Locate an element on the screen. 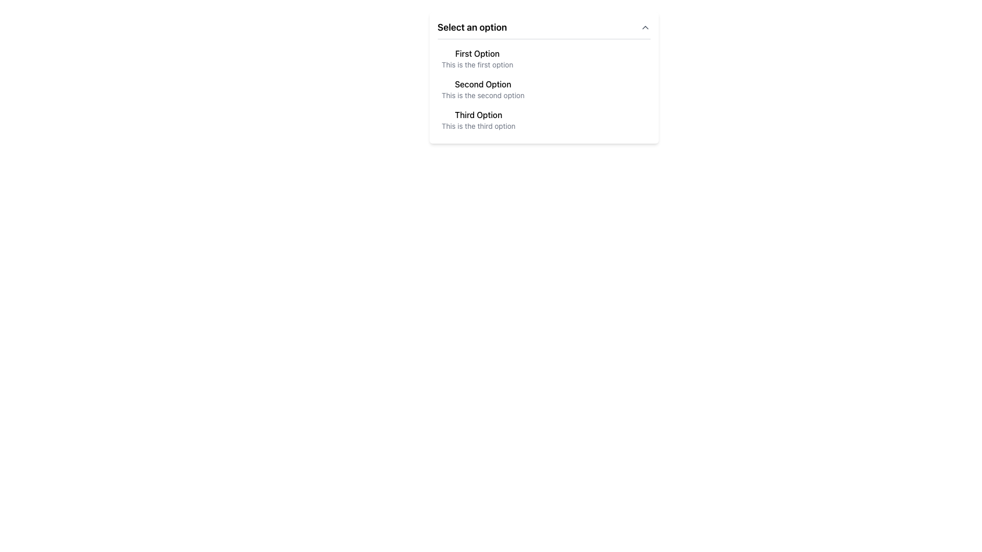 Image resolution: width=982 pixels, height=552 pixels. the second item in the dropdown menu is located at coordinates (543, 88).